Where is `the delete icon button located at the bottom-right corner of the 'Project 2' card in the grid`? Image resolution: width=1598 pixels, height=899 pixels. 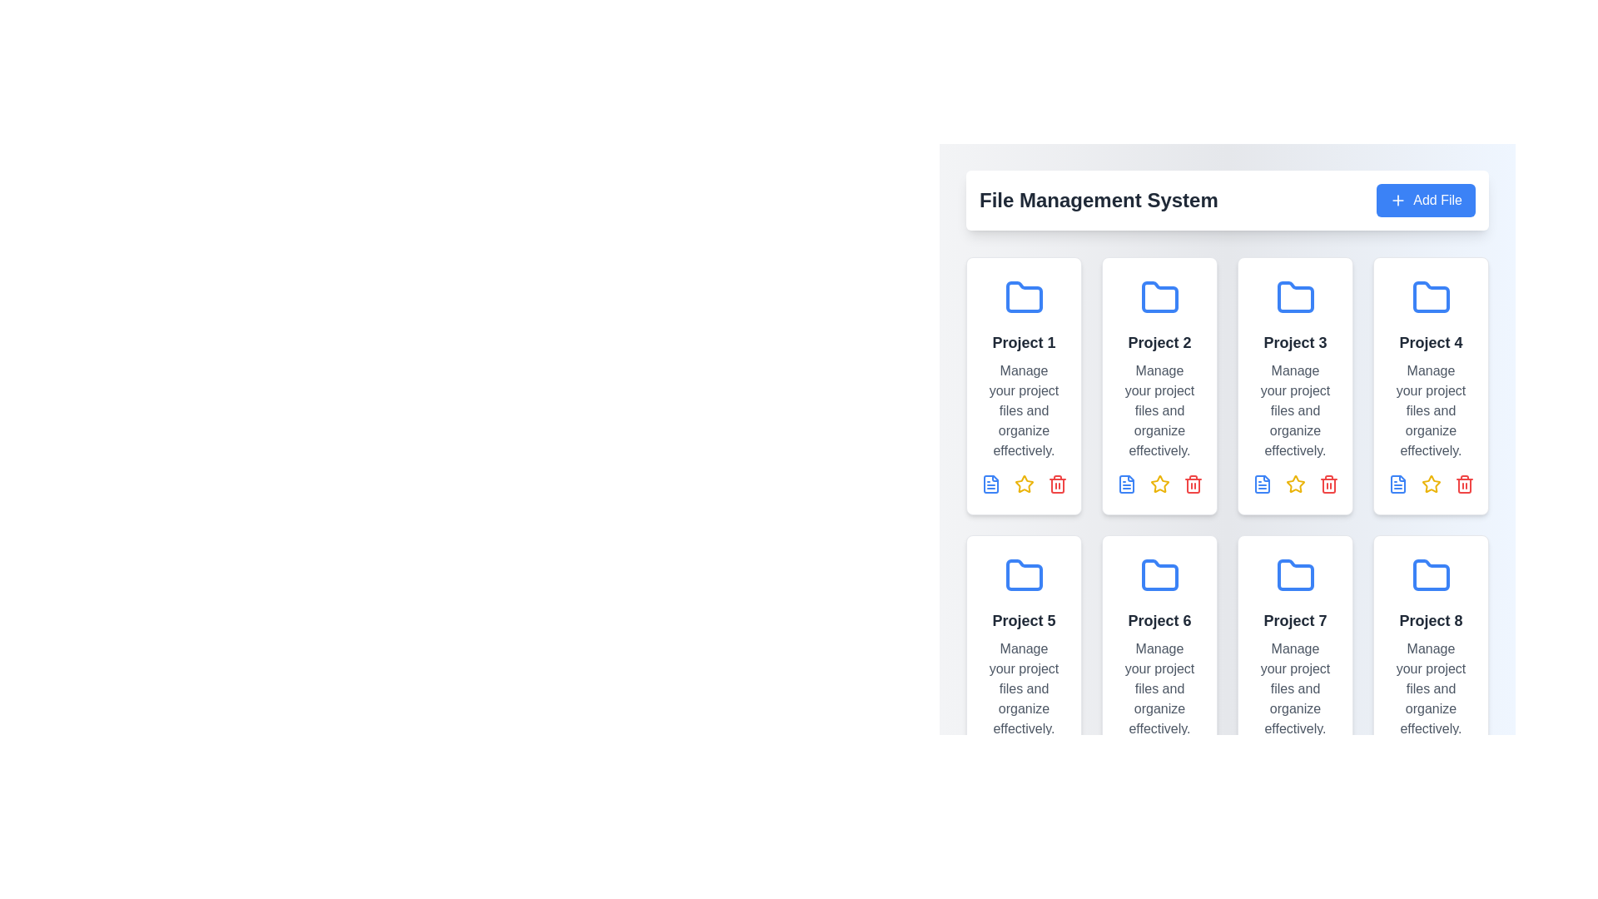
the delete icon button located at the bottom-right corner of the 'Project 2' card in the grid is located at coordinates (1192, 485).